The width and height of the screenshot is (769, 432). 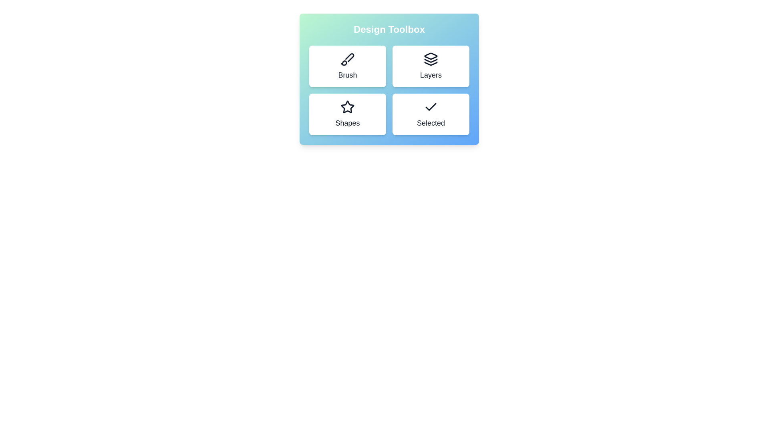 I want to click on the button labeled Selected to select or deselect it, so click(x=430, y=114).